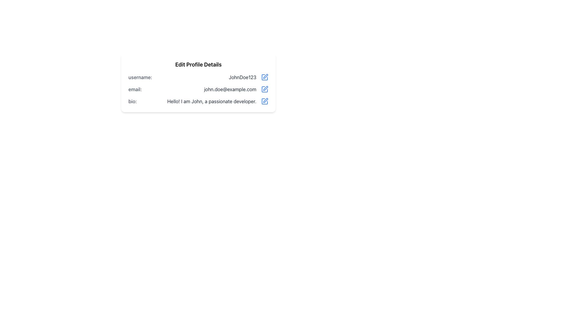 This screenshot has height=325, width=579. What do you see at coordinates (265, 76) in the screenshot?
I see `the edit icon located to the right of the 'username:' field in the 'Edit Profile Details' section` at bounding box center [265, 76].